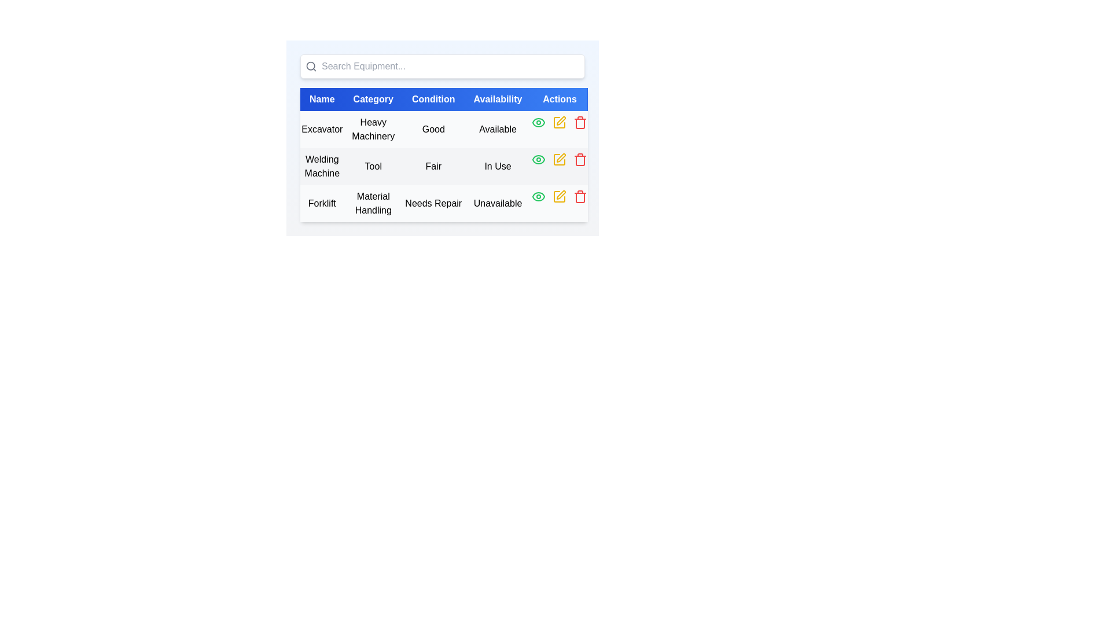  I want to click on the Static Text element displaying 'Material Handling' located in the 'Forklift' row, second cell of the 'Category' column, so click(373, 203).